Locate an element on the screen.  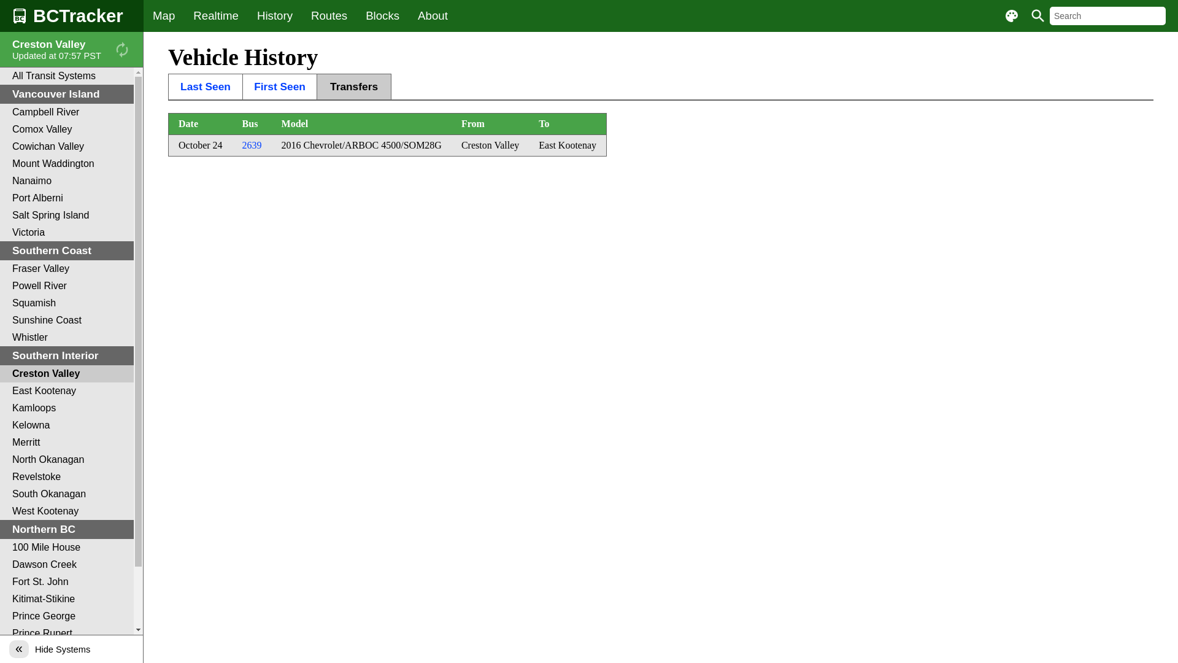
'BCTracker' is located at coordinates (71, 16).